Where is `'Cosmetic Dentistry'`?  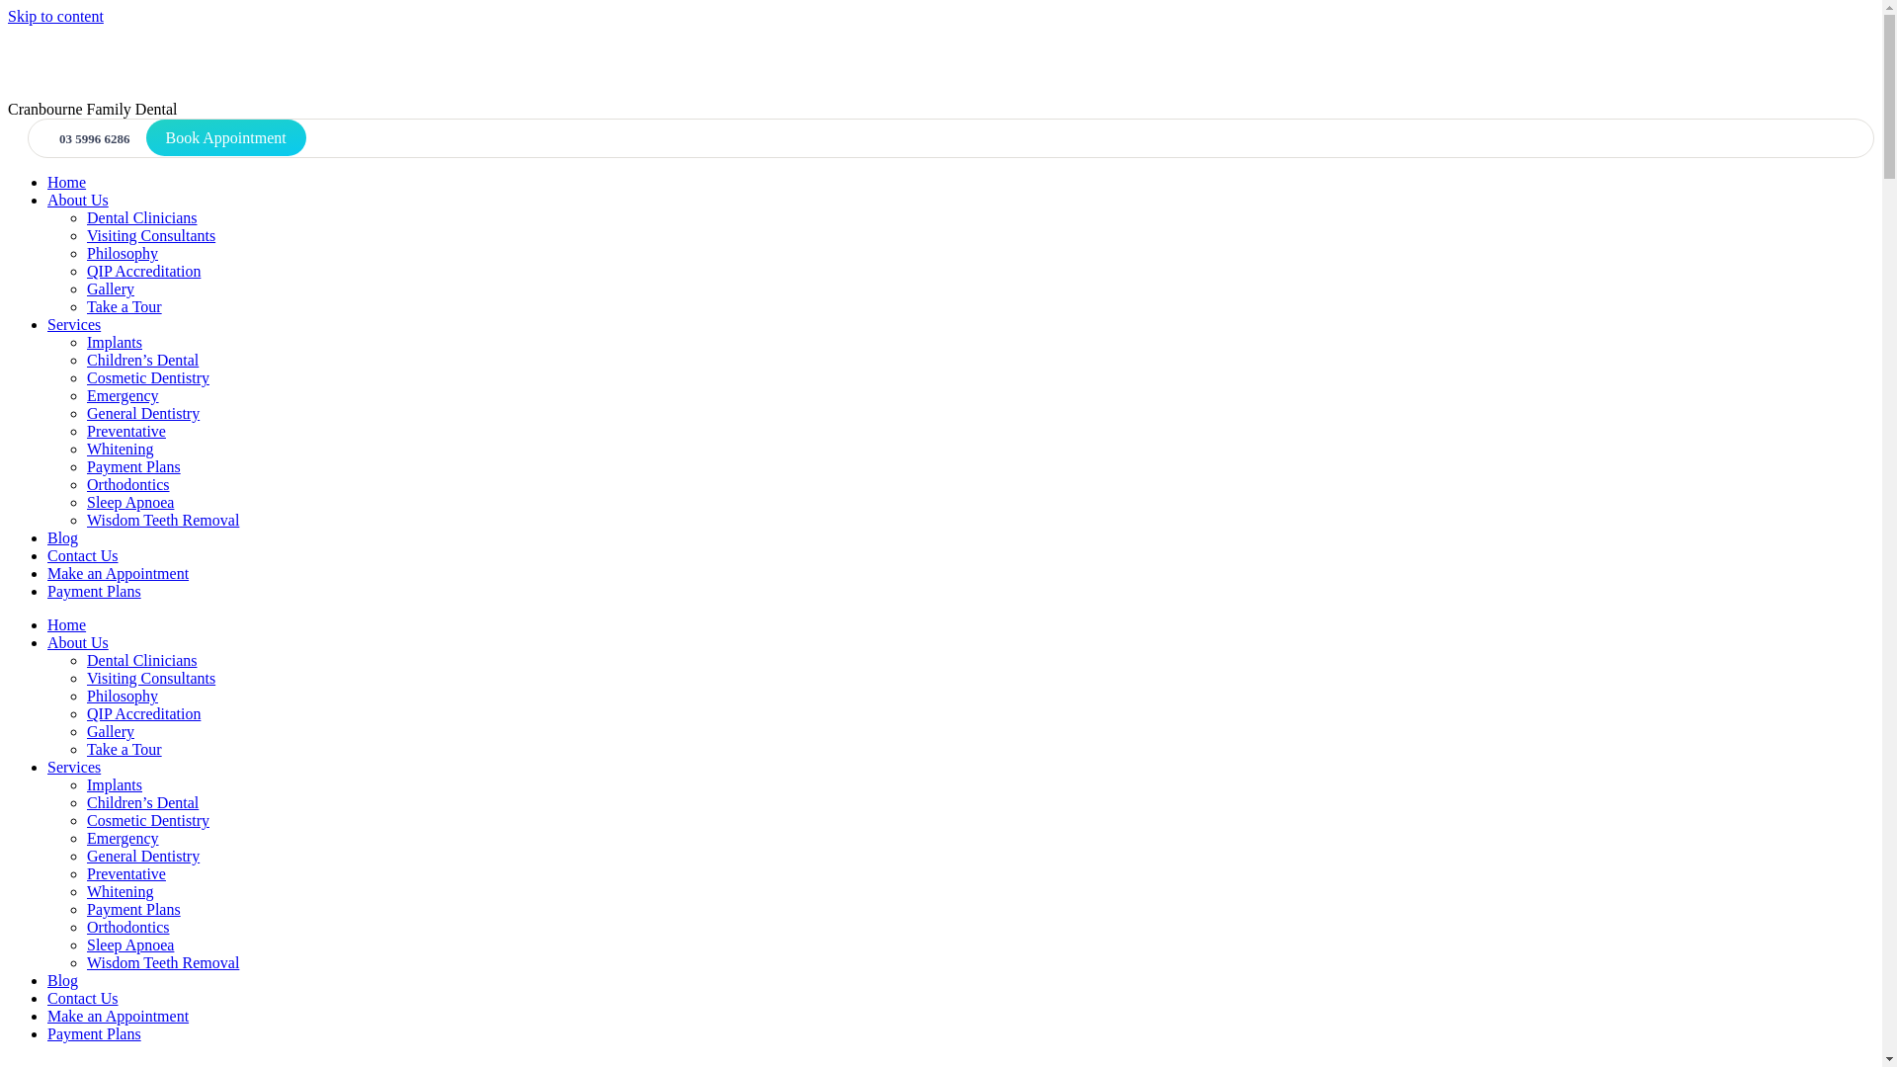
'Cosmetic Dentistry' is located at coordinates (146, 820).